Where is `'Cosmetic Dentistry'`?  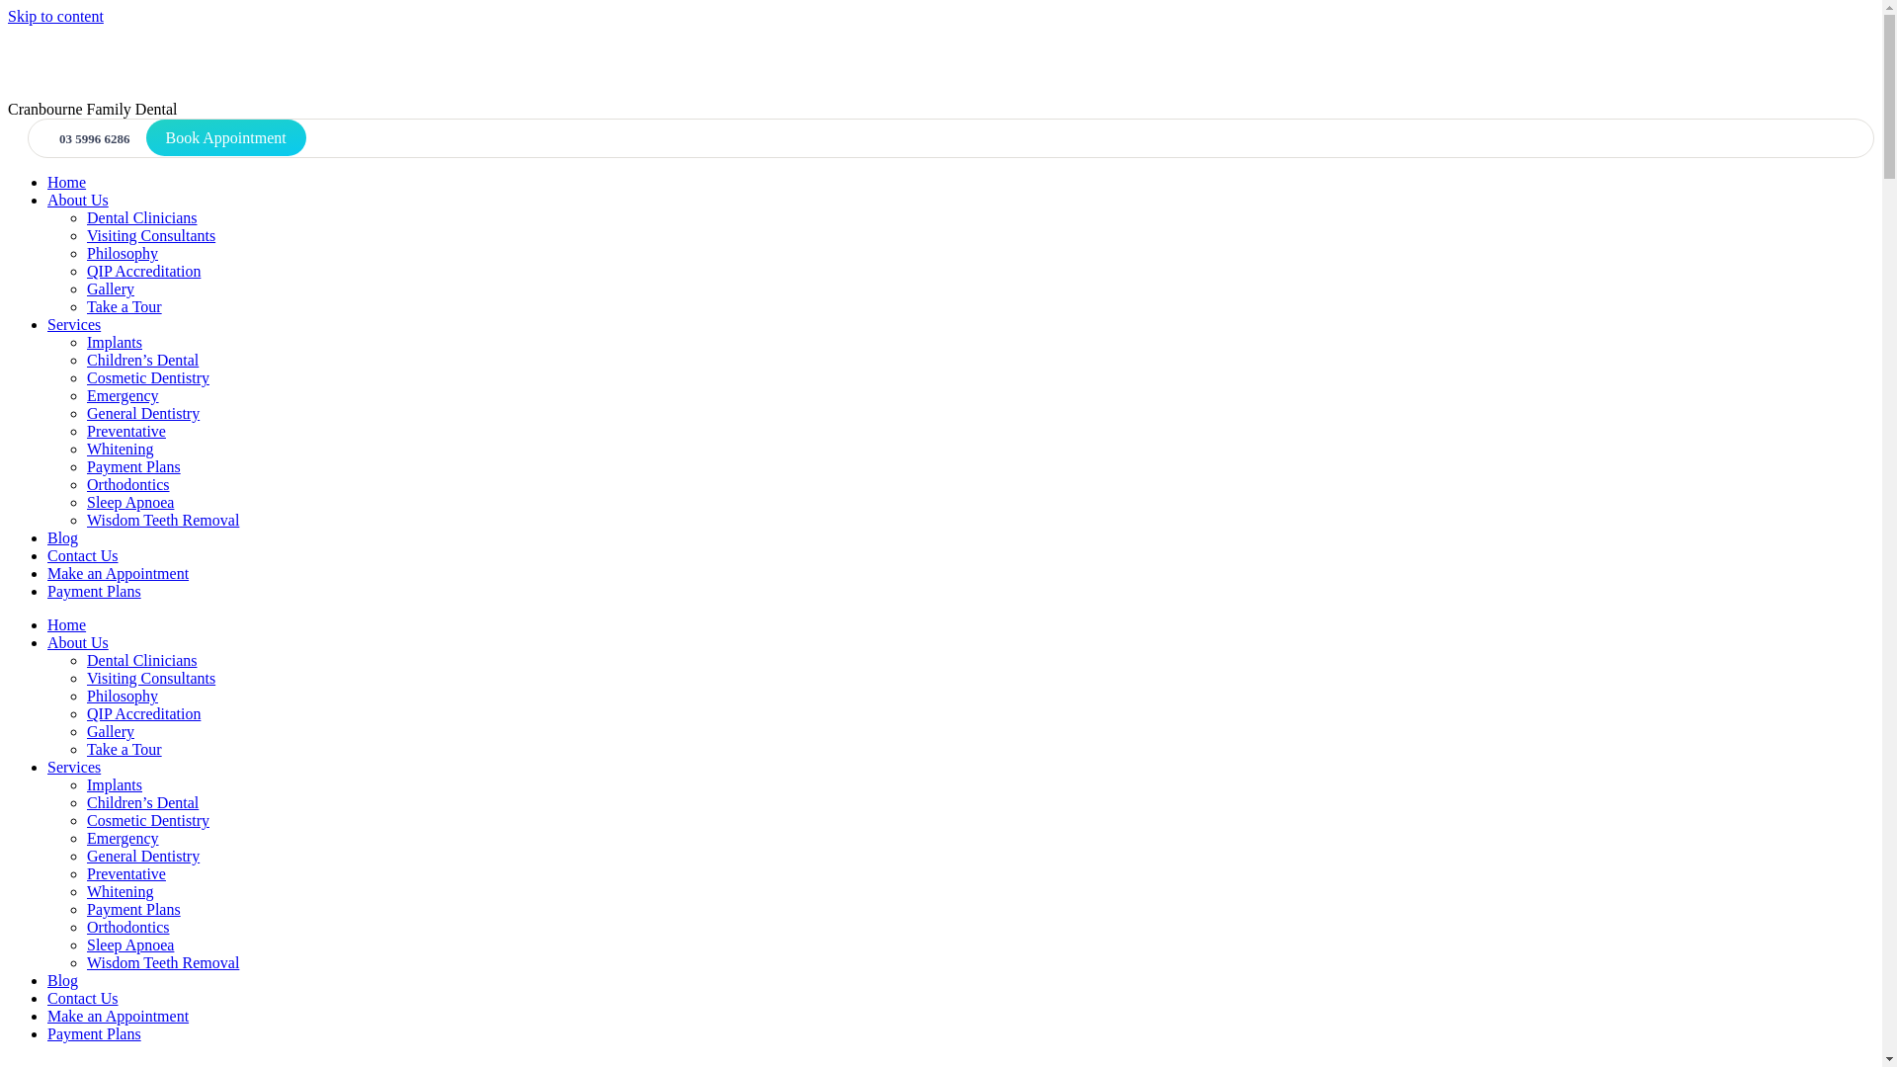
'Cosmetic Dentistry' is located at coordinates (146, 820).